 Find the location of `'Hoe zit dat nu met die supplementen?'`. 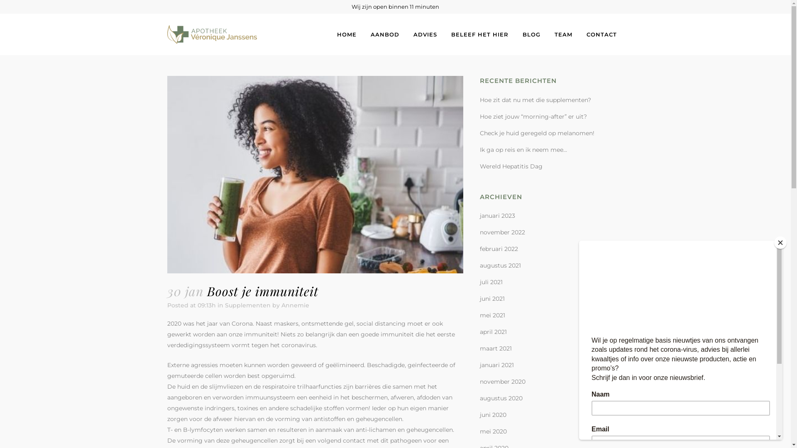

'Hoe zit dat nu met die supplementen?' is located at coordinates (480, 99).